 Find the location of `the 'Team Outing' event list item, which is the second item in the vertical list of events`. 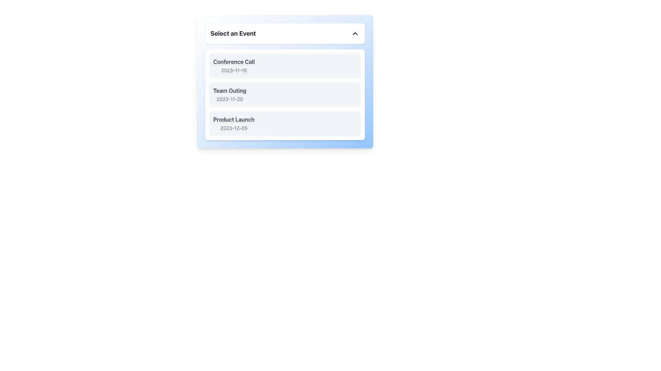

the 'Team Outing' event list item, which is the second item in the vertical list of events is located at coordinates (285, 95).